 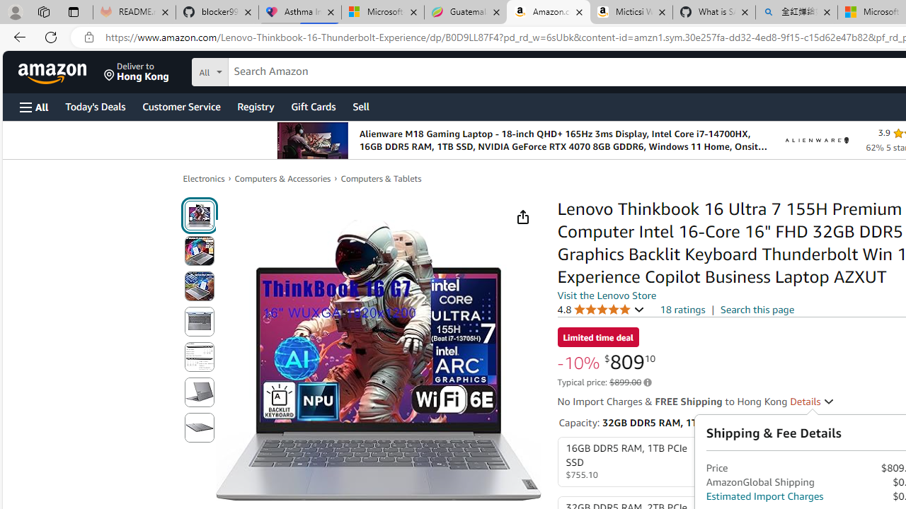 What do you see at coordinates (34, 106) in the screenshot?
I see `'Open Menu'` at bounding box center [34, 106].